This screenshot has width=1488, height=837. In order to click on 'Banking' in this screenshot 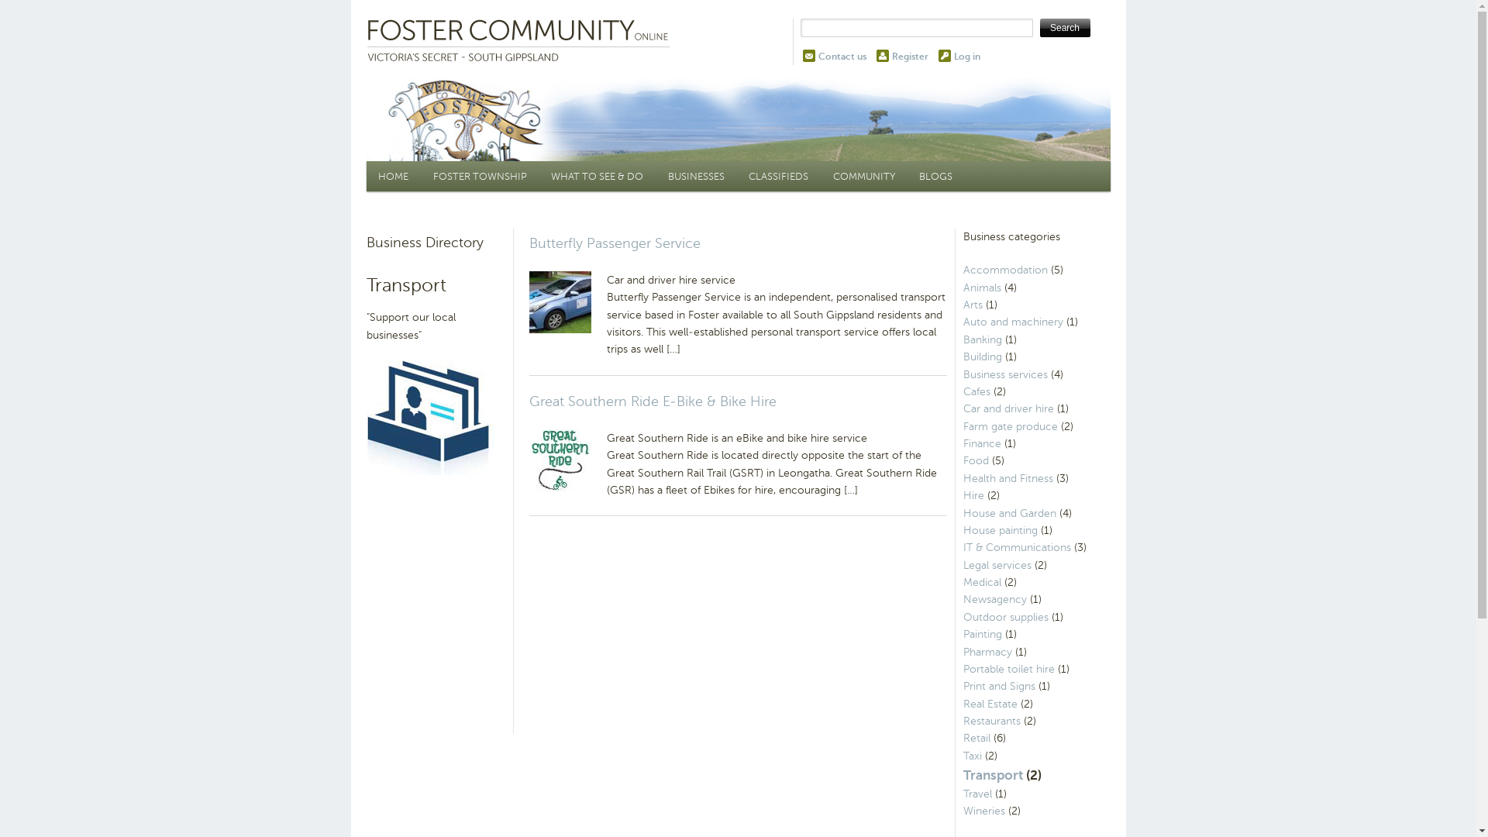, I will do `click(981, 339)`.